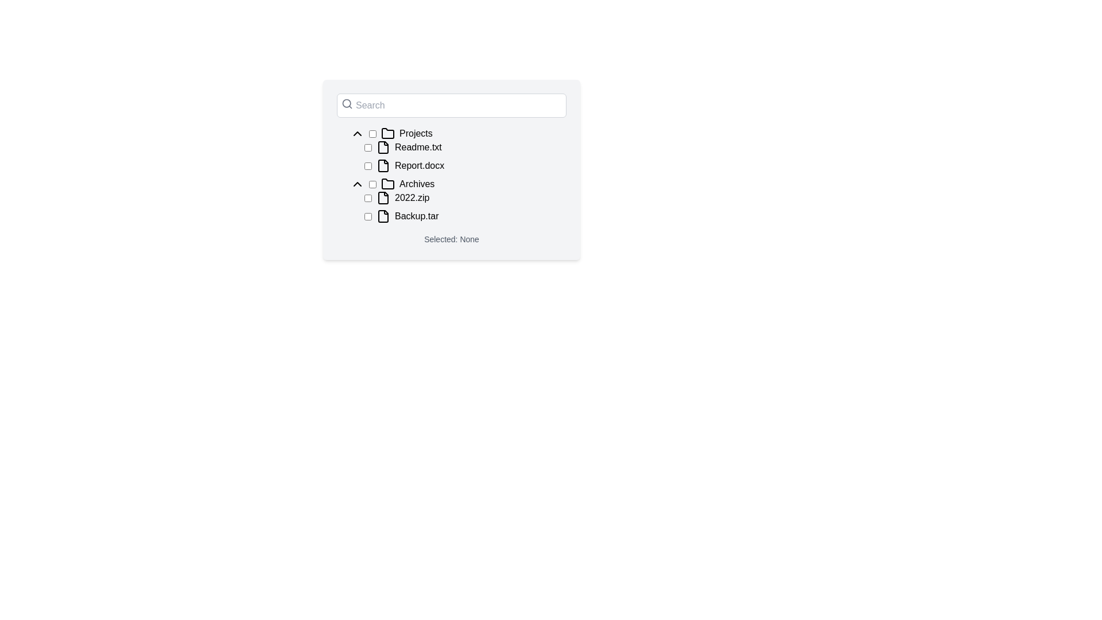 This screenshot has width=1102, height=620. What do you see at coordinates (383, 147) in the screenshot?
I see `the file icon representing 'Readme.txt' located in the 'Projects' section, positioned between a checkbox and the text 'Readme.txt'` at bounding box center [383, 147].